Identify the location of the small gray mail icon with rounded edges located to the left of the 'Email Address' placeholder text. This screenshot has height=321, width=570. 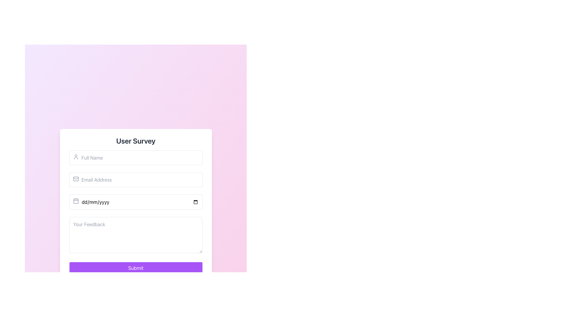
(75, 178).